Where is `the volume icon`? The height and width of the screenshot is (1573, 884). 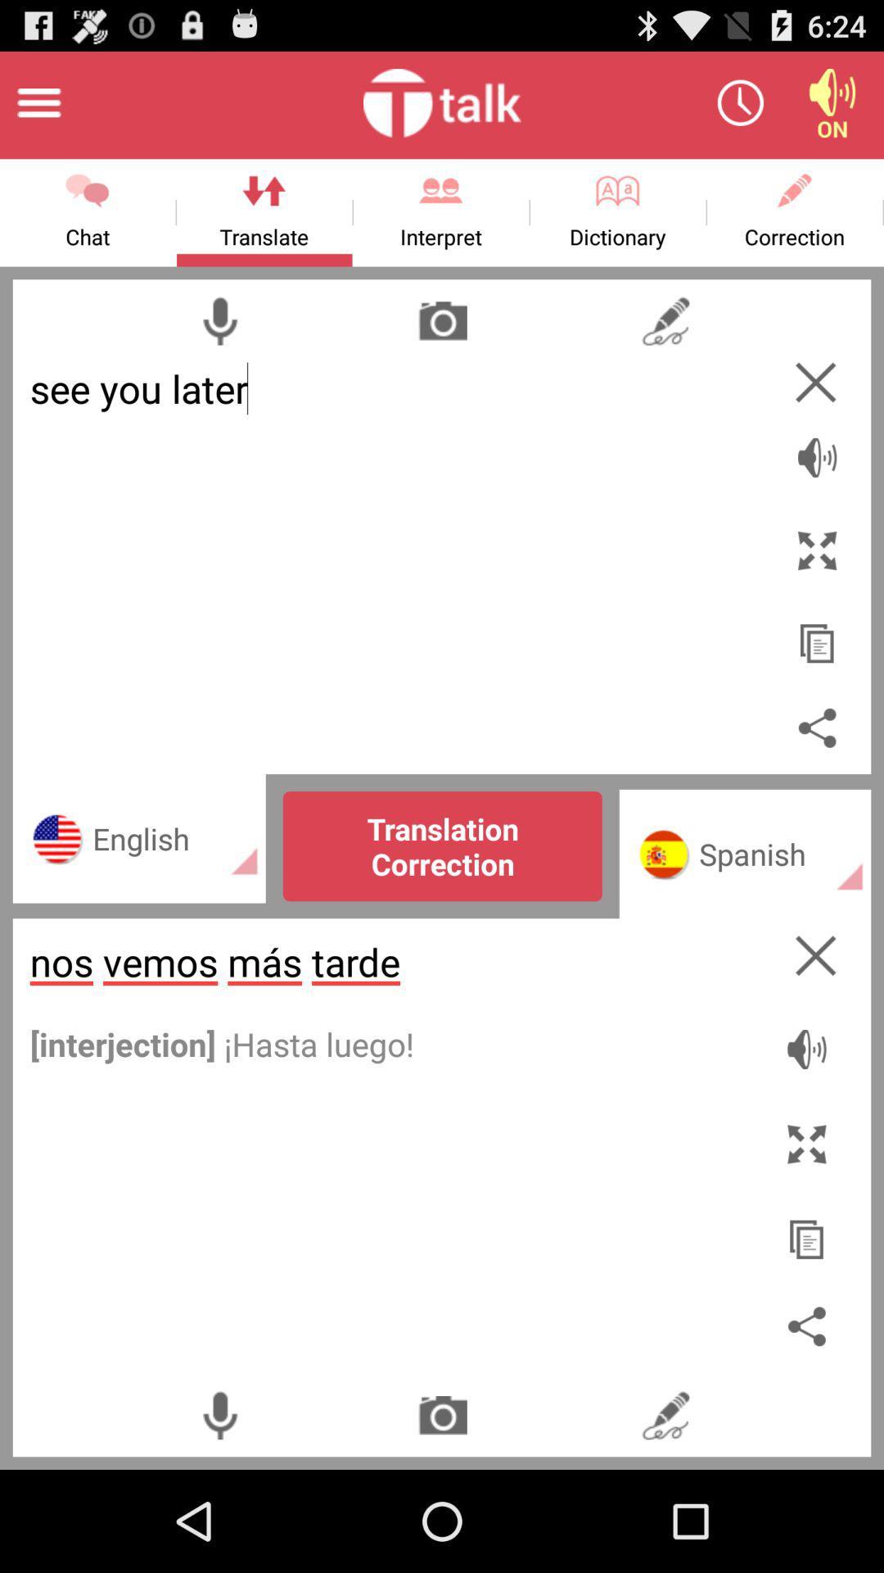
the volume icon is located at coordinates (810, 1139).